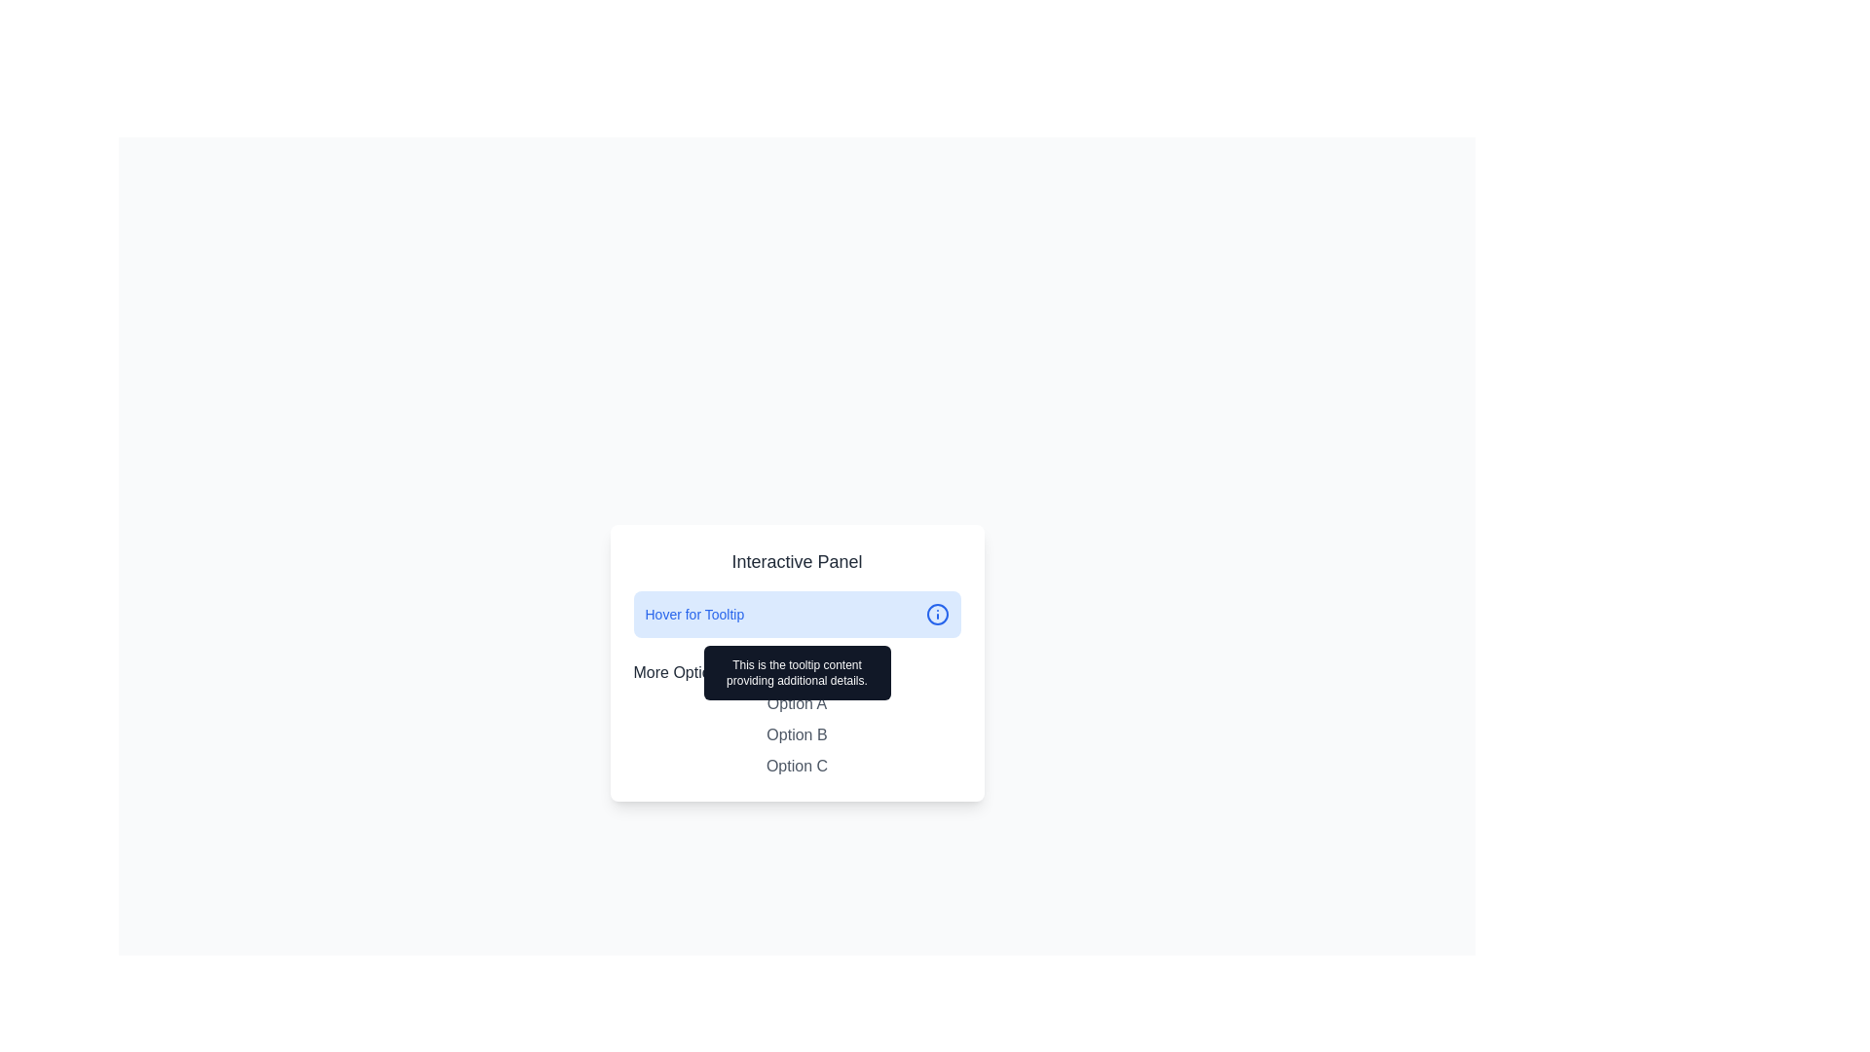 This screenshot has height=1052, width=1870. What do you see at coordinates (797, 765) in the screenshot?
I see `the third item in the vertical list under 'More Options', which is a selectable label located beneath 'Option B', to activate hover styling` at bounding box center [797, 765].